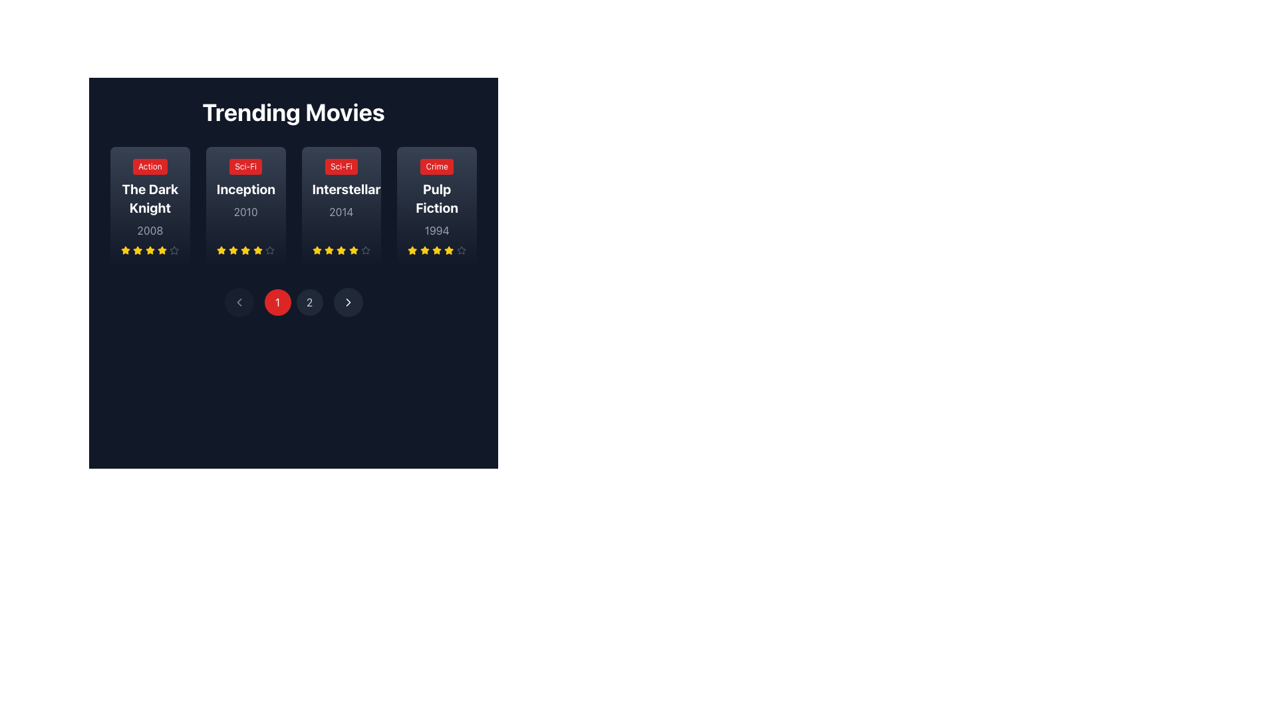 The image size is (1277, 718). I want to click on the leftmost movie card in the 'Trending Movies' section, so click(150, 206).